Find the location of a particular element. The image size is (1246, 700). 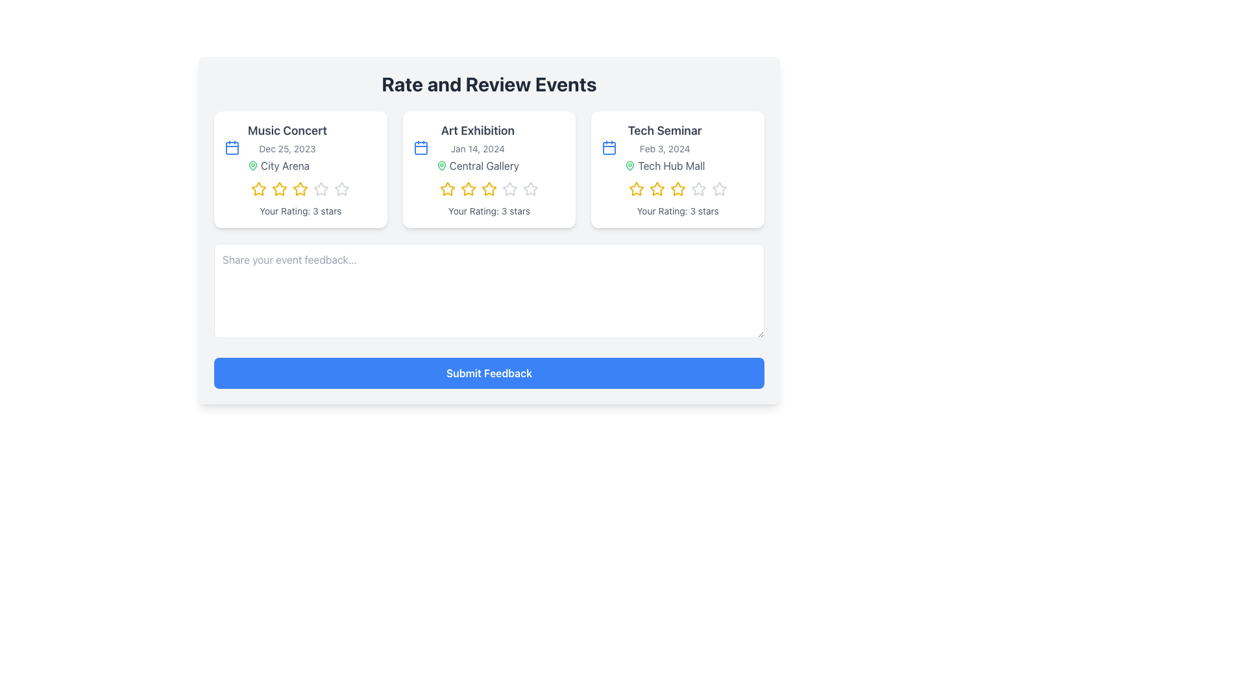

the third star-shaped icon in the rating component for the 'Art Exhibition' is located at coordinates (509, 189).